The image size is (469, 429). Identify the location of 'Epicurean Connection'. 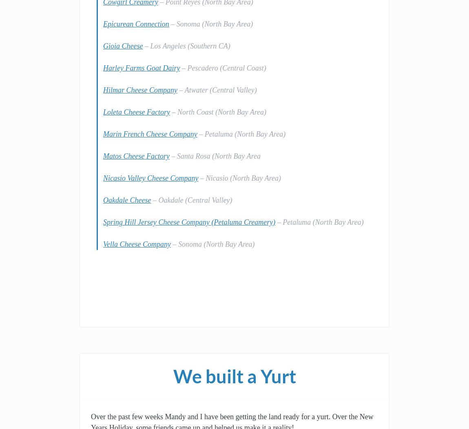
(103, 24).